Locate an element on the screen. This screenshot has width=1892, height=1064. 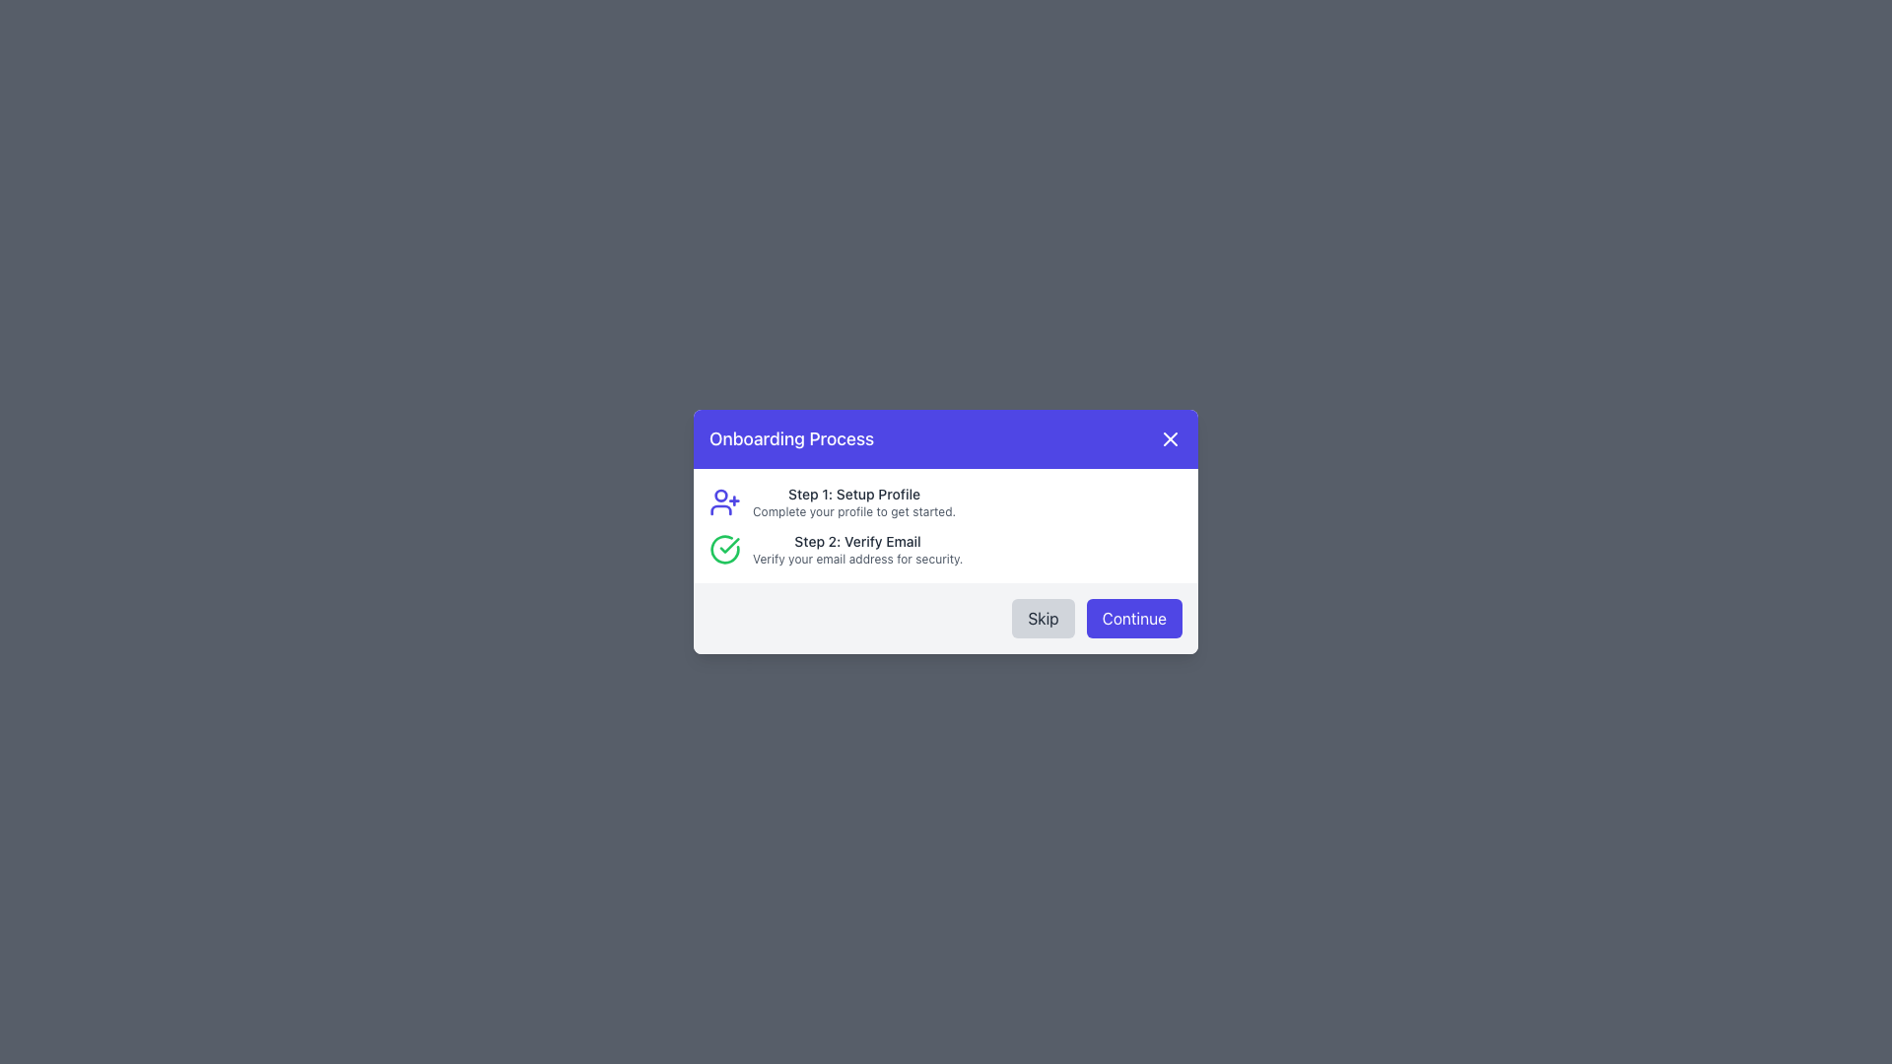
the Informational Section in the onboarding process modal, which is located above 'Step 2: Verify Email.' is located at coordinates (946, 500).